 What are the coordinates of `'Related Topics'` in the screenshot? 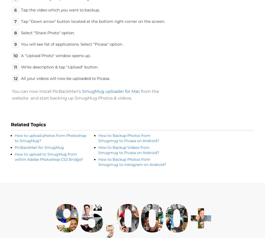 It's located at (11, 125).